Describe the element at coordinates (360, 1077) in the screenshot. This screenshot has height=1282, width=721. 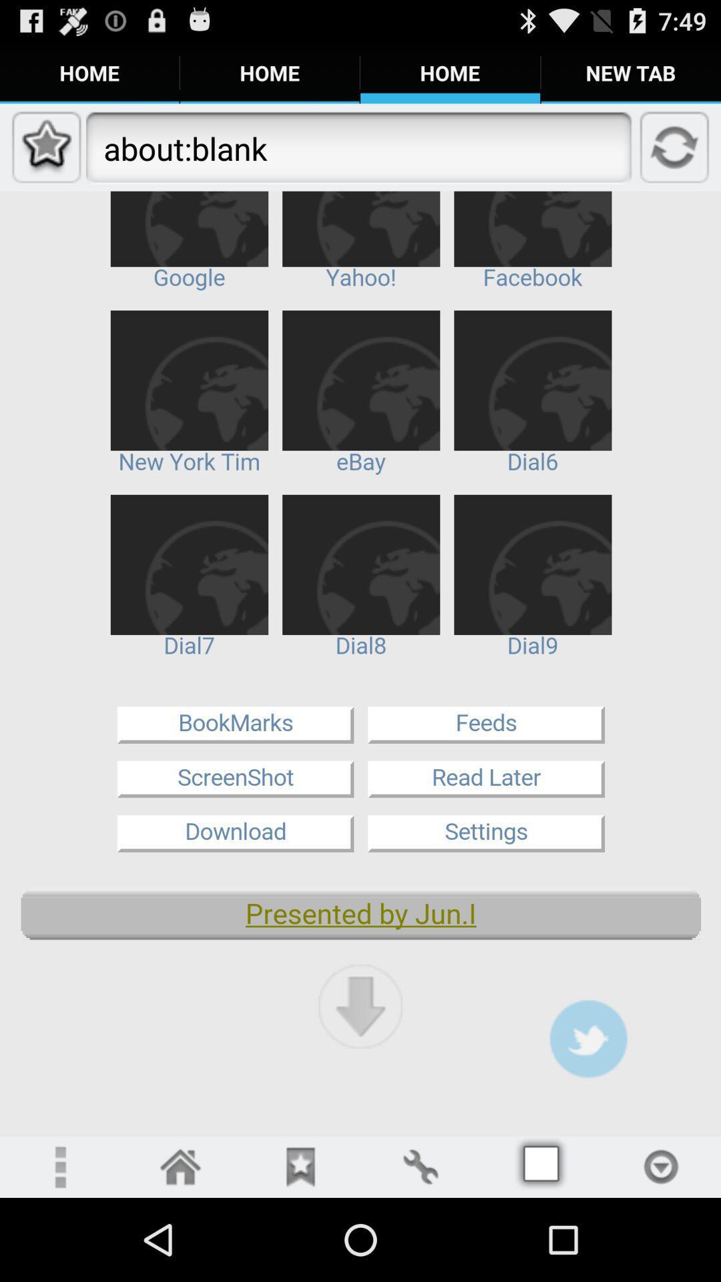
I see `the arrow_downward icon` at that location.